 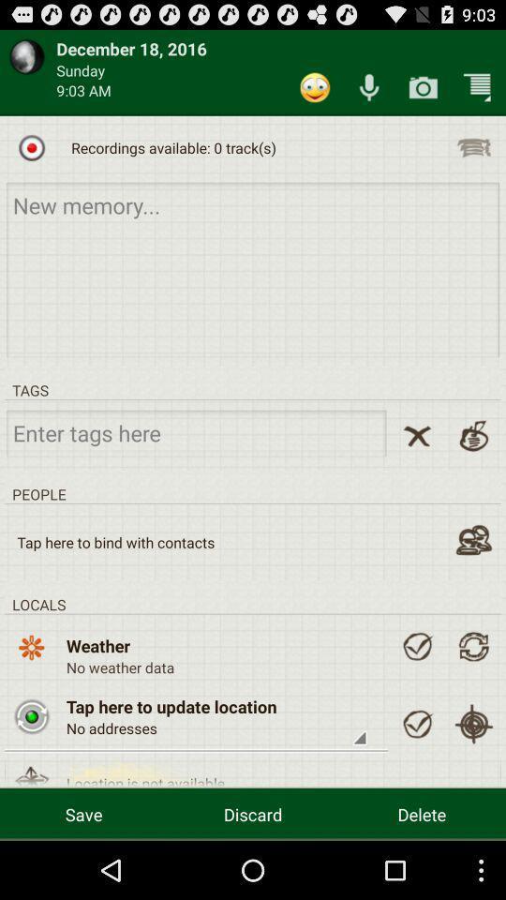 What do you see at coordinates (195, 432) in the screenshot?
I see `tags` at bounding box center [195, 432].